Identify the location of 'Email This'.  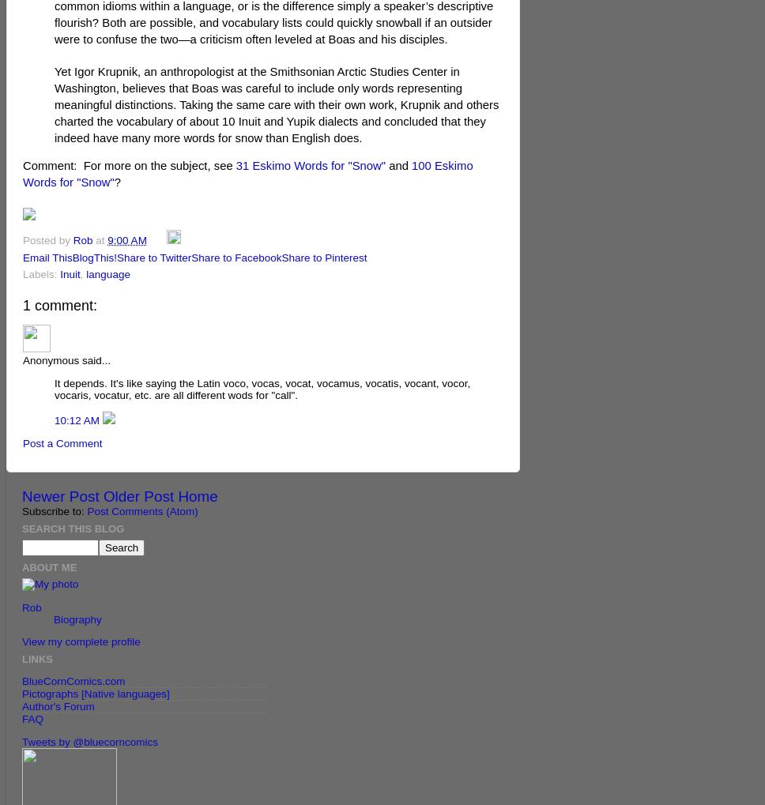
(47, 257).